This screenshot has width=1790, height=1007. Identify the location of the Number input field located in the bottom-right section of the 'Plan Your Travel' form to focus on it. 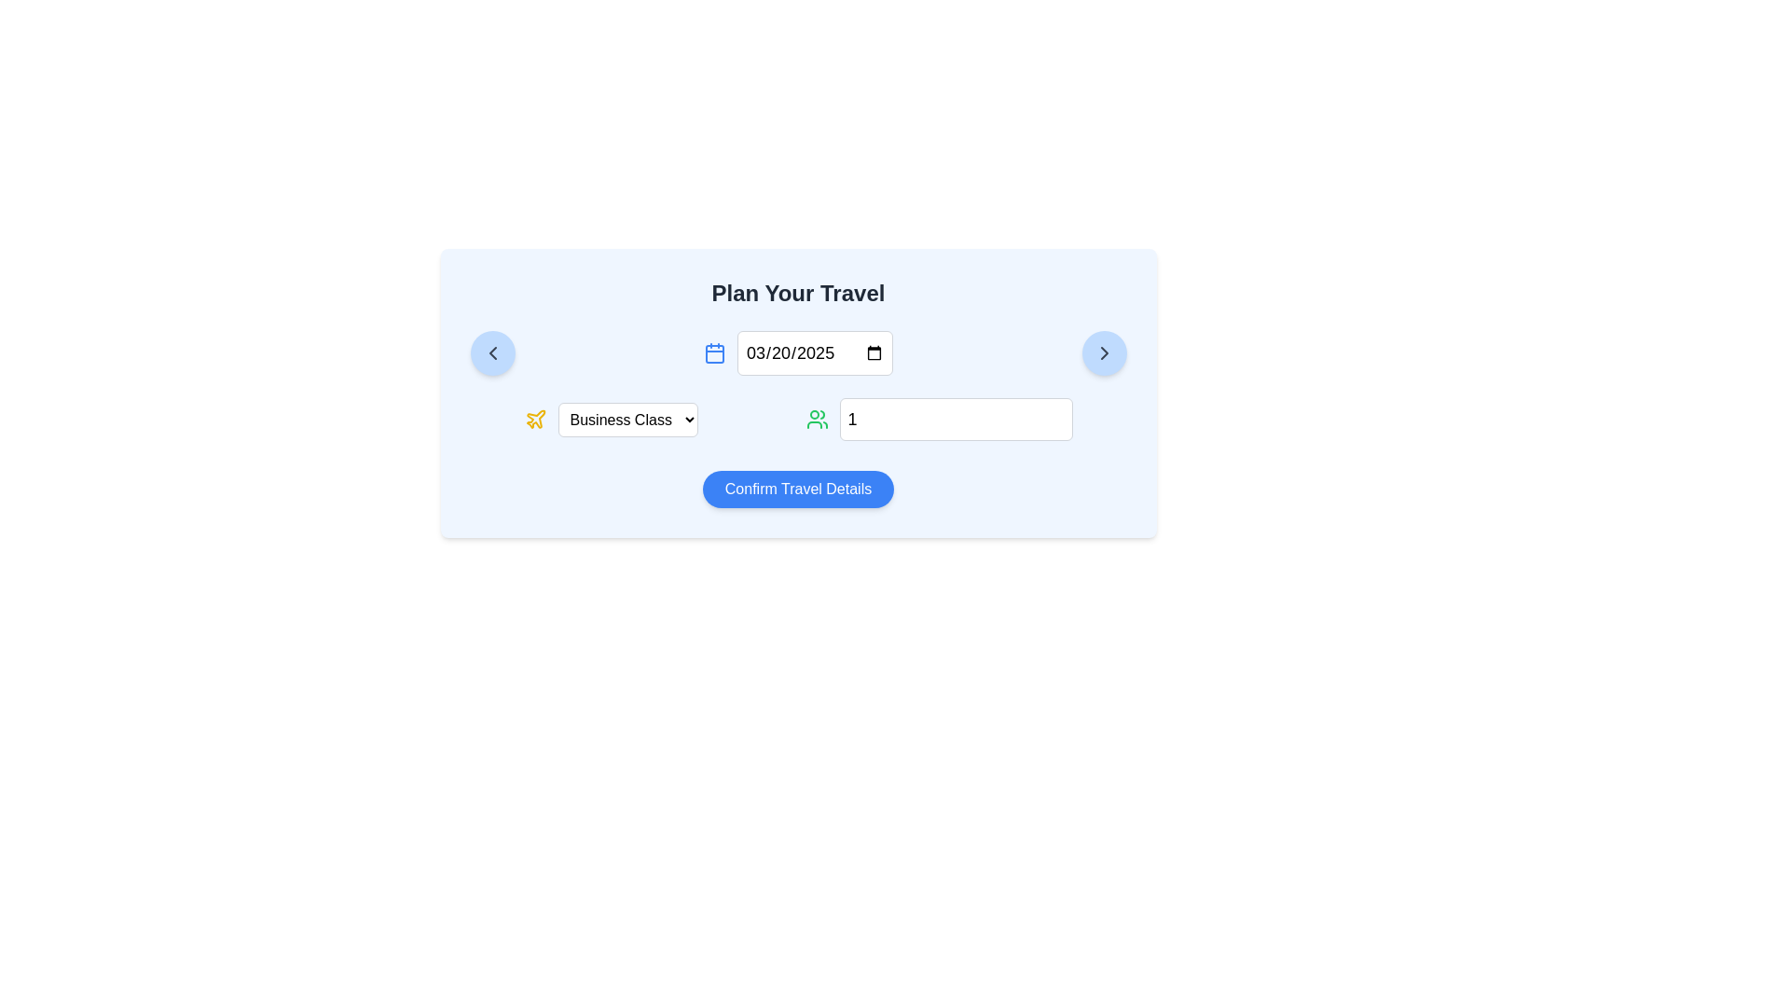
(956, 420).